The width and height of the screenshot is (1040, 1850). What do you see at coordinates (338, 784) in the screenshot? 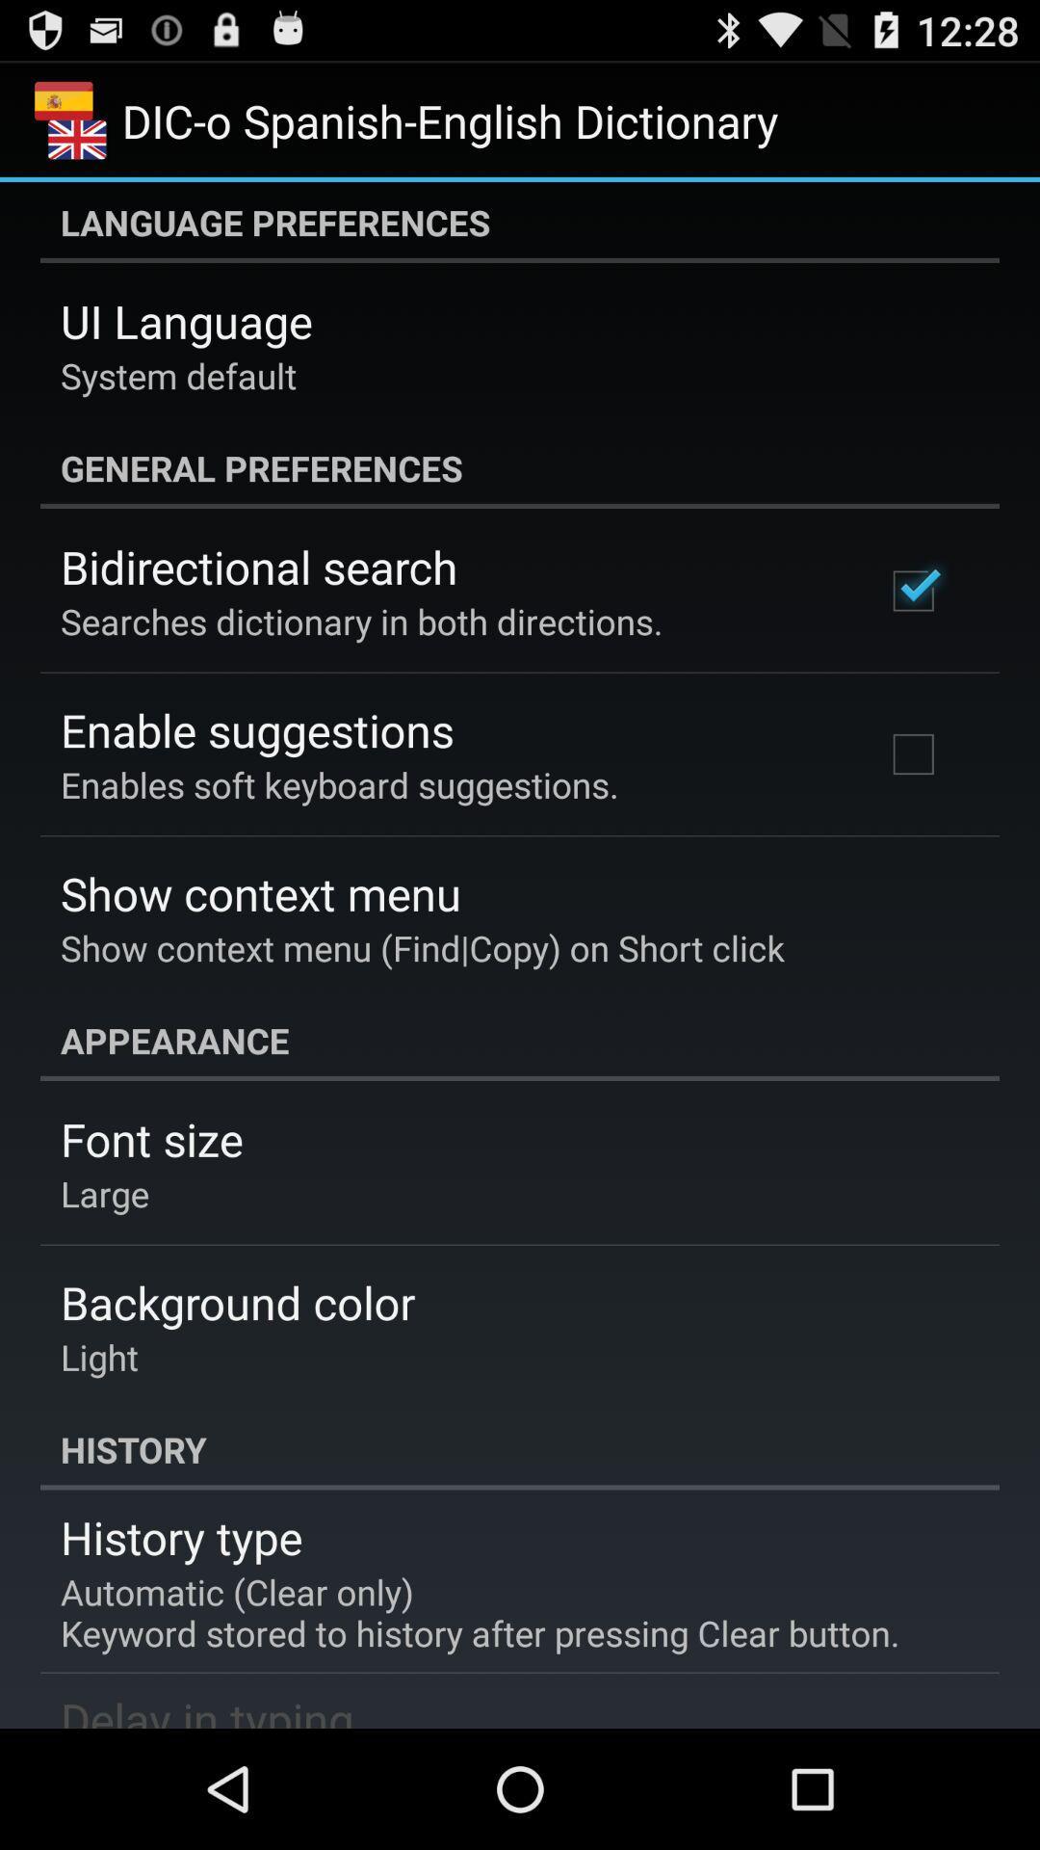
I see `the icon below enable suggestions app` at bounding box center [338, 784].